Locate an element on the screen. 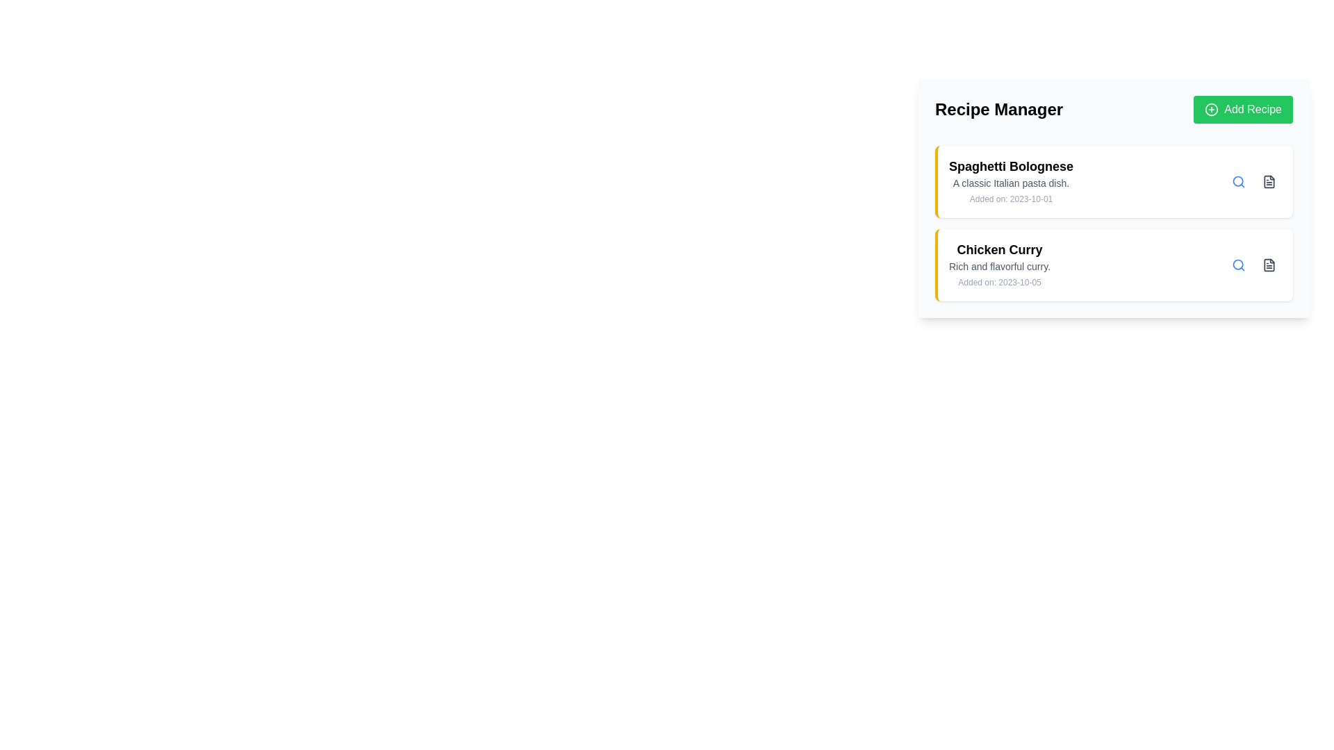 This screenshot has width=1334, height=750. the text label indicating the section for managing recipes, which is located to the left of the green 'Add Recipe' button is located at coordinates (998, 109).